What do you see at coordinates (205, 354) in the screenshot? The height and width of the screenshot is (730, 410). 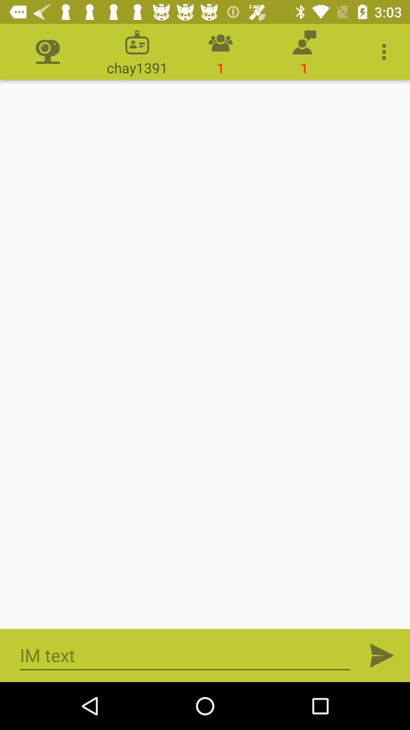 I see `data` at bounding box center [205, 354].